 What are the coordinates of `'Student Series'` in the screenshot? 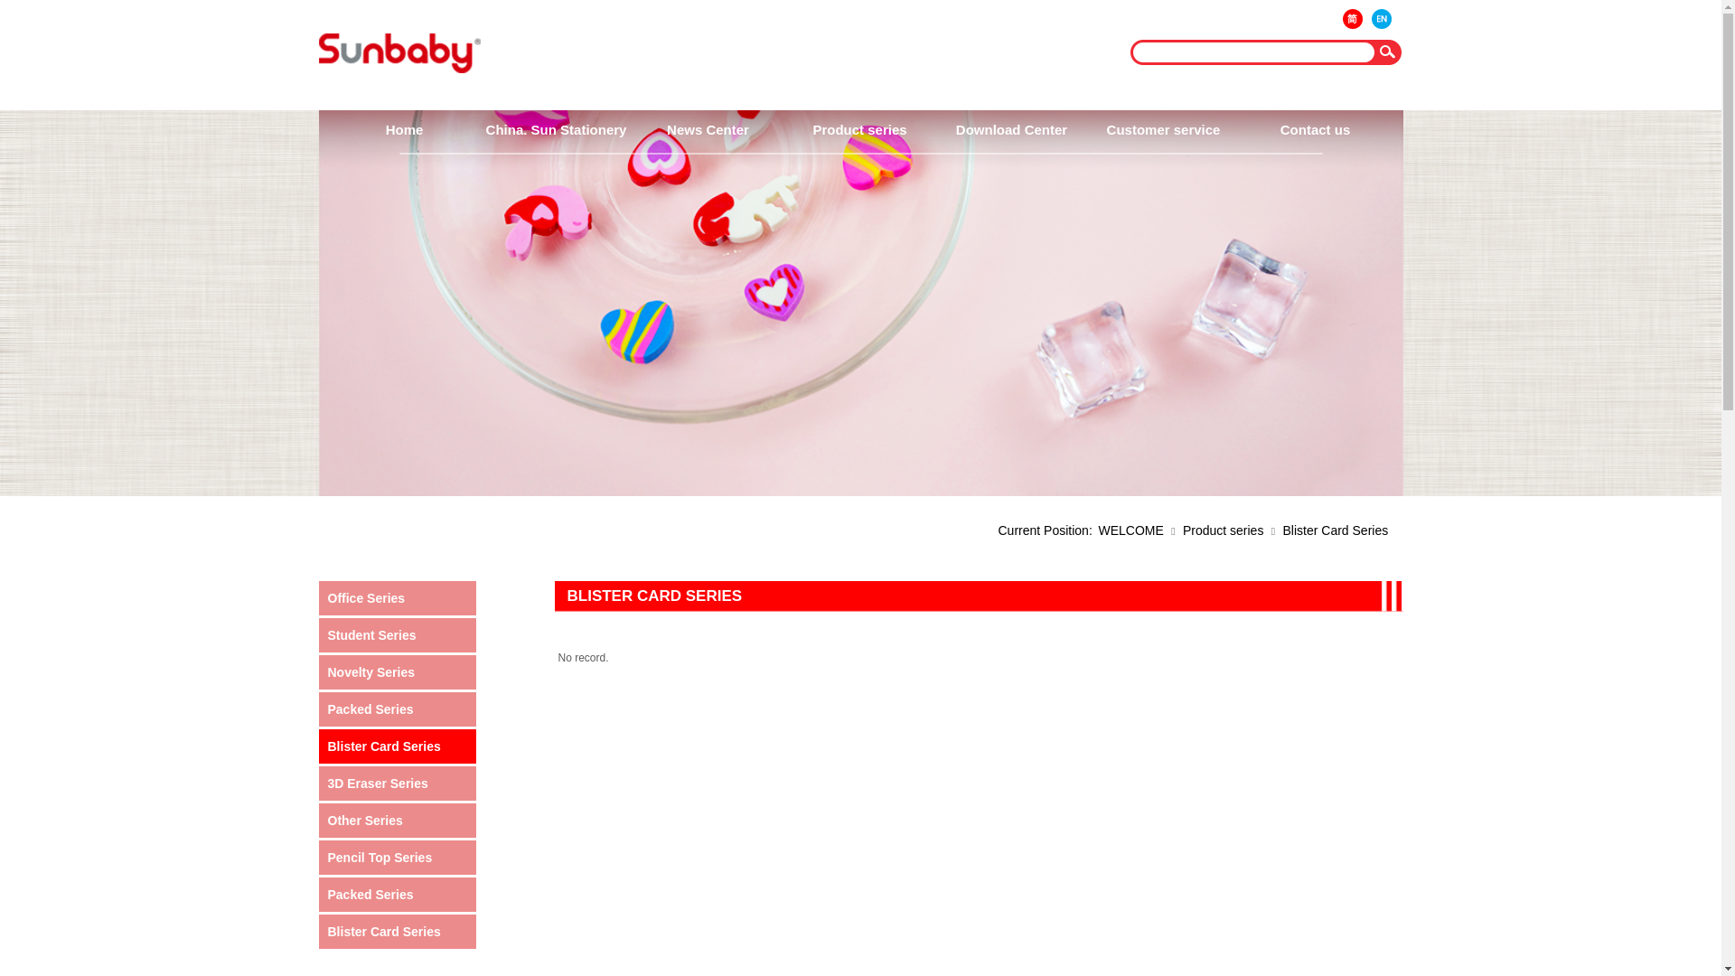 It's located at (398, 633).